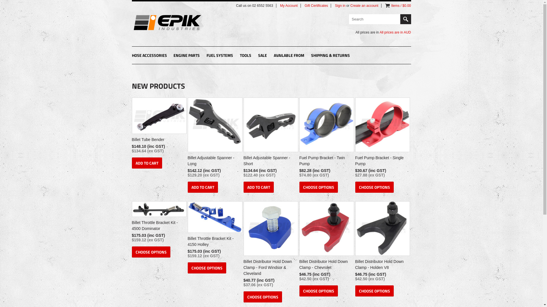 Image resolution: width=547 pixels, height=307 pixels. I want to click on 'Billet Throttle Bracket Kit - 4500 Dominator', so click(158, 226).